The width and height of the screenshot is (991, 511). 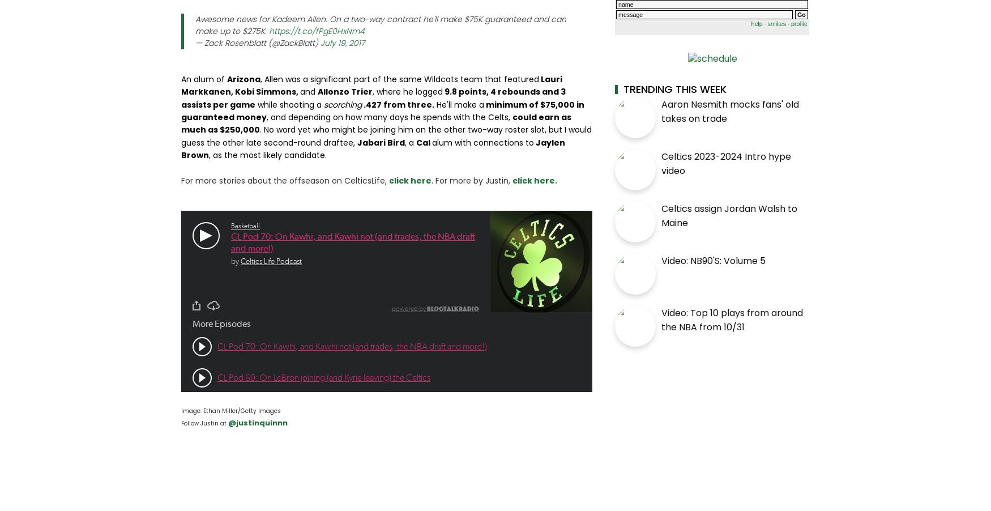 What do you see at coordinates (308, 91) in the screenshot?
I see `'and'` at bounding box center [308, 91].